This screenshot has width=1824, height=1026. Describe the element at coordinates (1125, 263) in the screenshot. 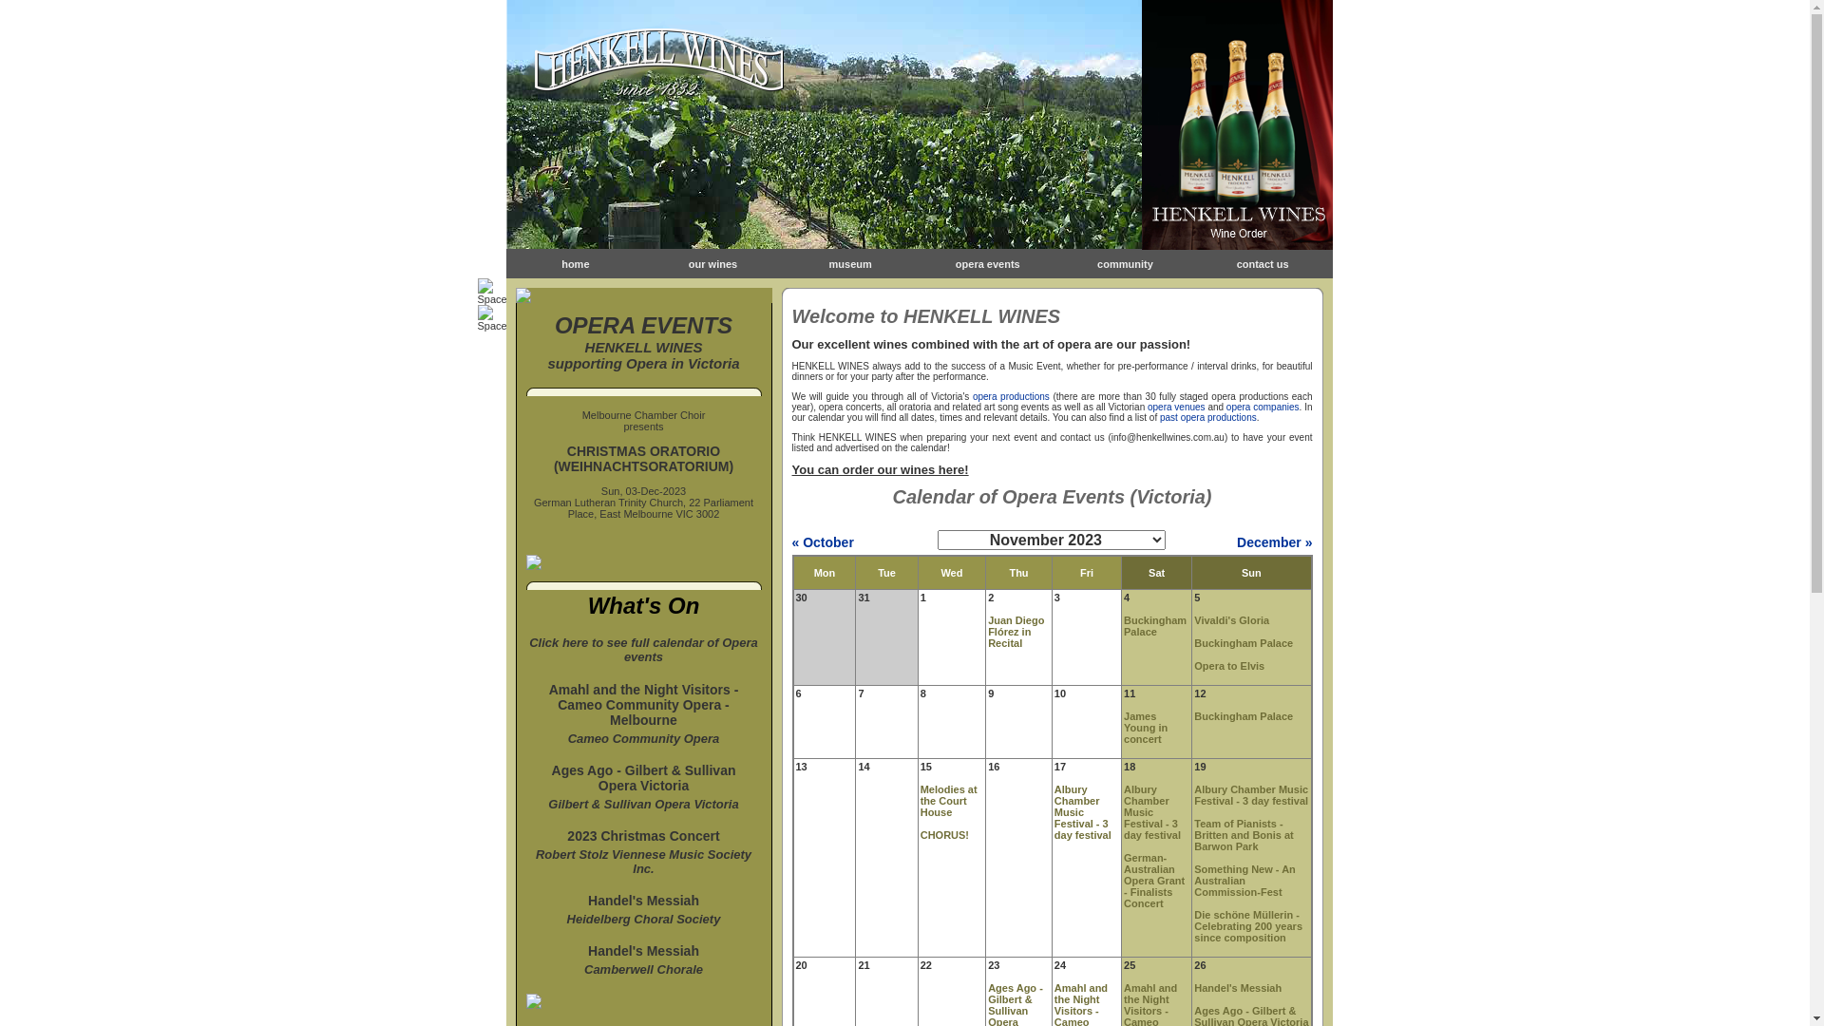

I see `'community'` at that location.